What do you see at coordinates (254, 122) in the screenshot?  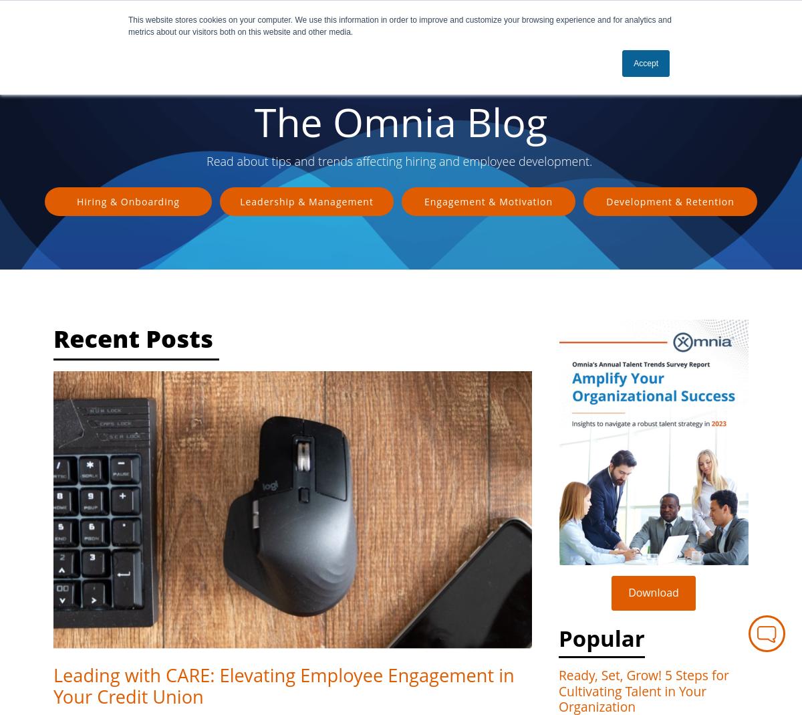 I see `'The Omnia Blog'` at bounding box center [254, 122].